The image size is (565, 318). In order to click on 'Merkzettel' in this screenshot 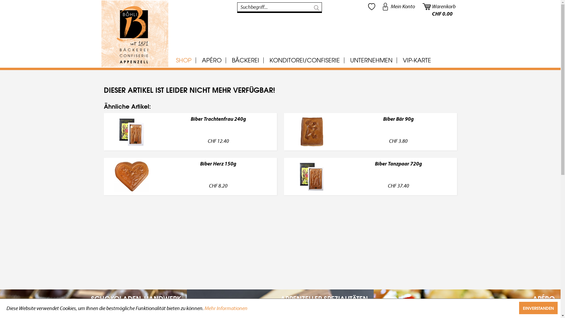, I will do `click(371, 7)`.